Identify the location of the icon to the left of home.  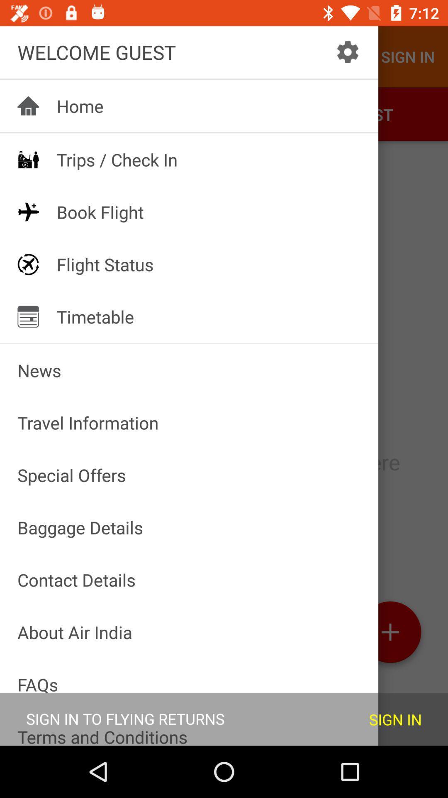
(28, 105).